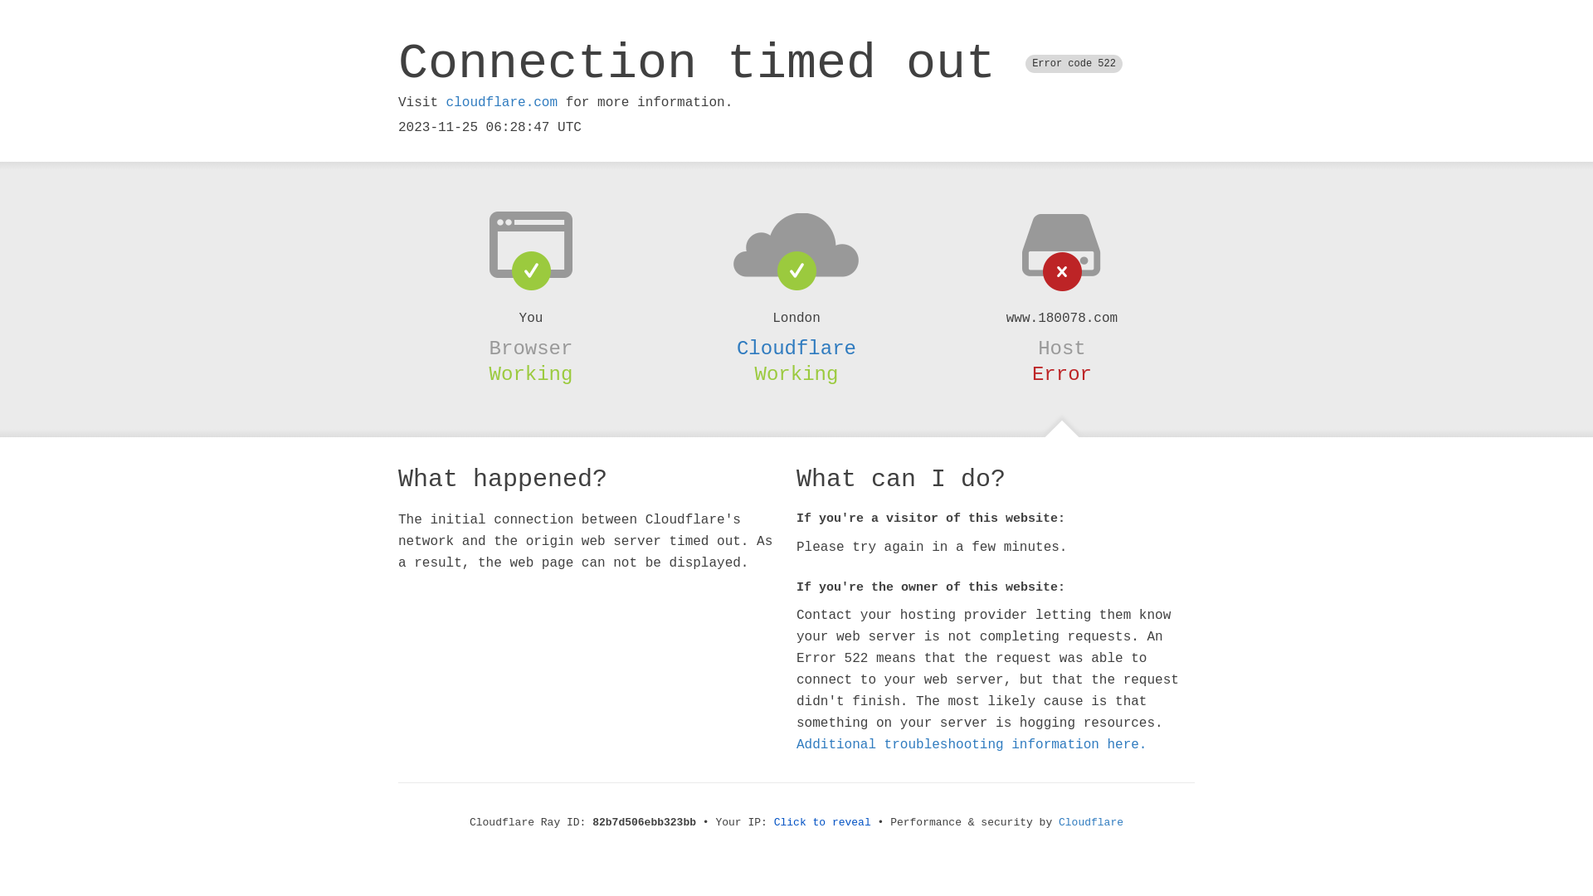  I want to click on 'Cloudflare', so click(1091, 822).